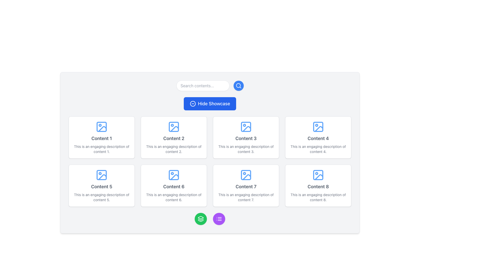 This screenshot has height=274, width=488. What do you see at coordinates (318, 197) in the screenshot?
I see `the text label displaying 'This is an engaging description of content 8.' located beneath the title 'Content 8' in the card for 'Content 8' to trigger potential tooltips` at bounding box center [318, 197].